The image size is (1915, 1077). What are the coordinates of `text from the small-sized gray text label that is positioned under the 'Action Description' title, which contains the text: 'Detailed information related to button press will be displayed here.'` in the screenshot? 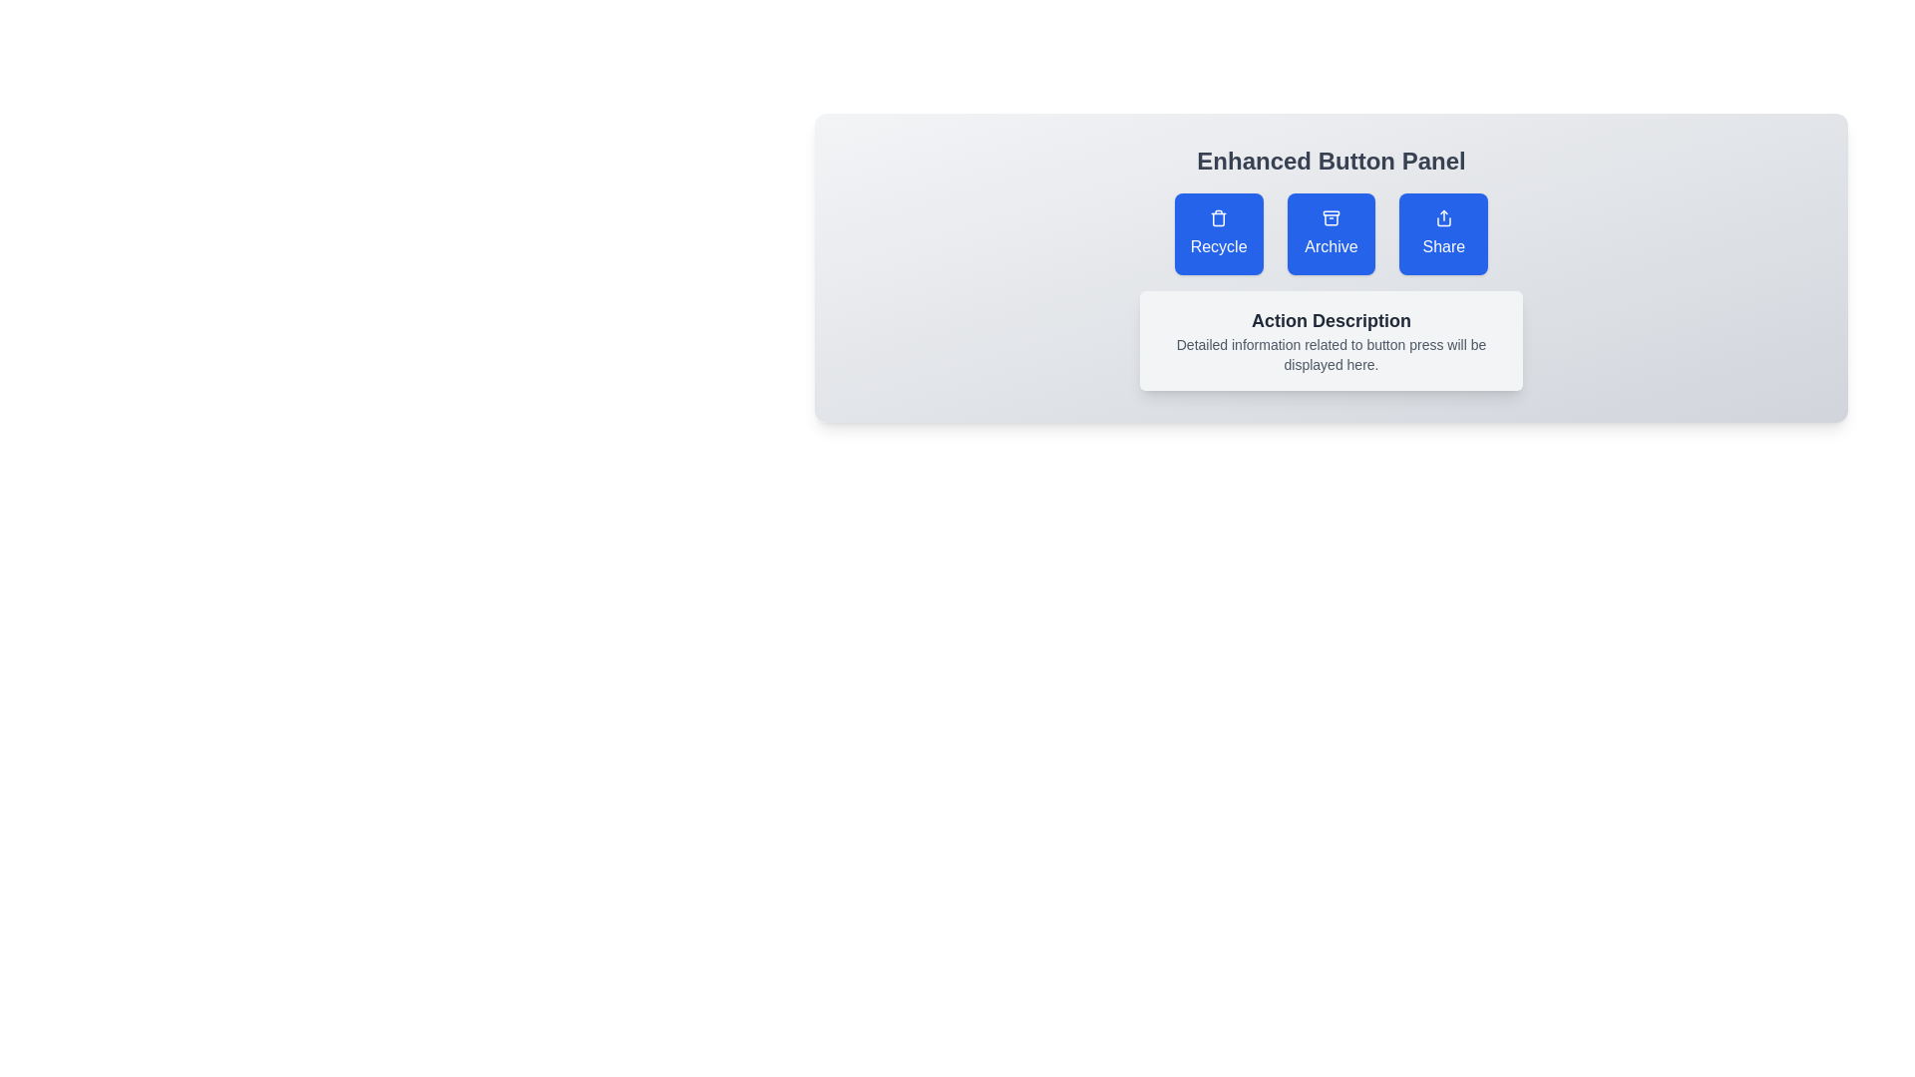 It's located at (1331, 353).